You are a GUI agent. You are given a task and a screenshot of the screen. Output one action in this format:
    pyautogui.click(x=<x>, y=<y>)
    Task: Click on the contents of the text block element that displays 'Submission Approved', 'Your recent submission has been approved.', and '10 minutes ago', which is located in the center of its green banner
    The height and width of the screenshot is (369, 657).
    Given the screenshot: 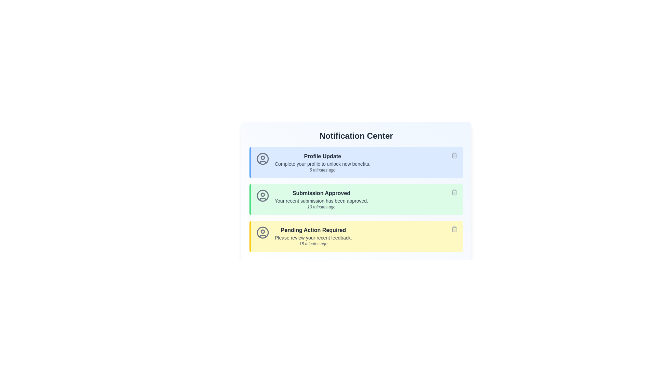 What is the action you would take?
    pyautogui.click(x=321, y=199)
    